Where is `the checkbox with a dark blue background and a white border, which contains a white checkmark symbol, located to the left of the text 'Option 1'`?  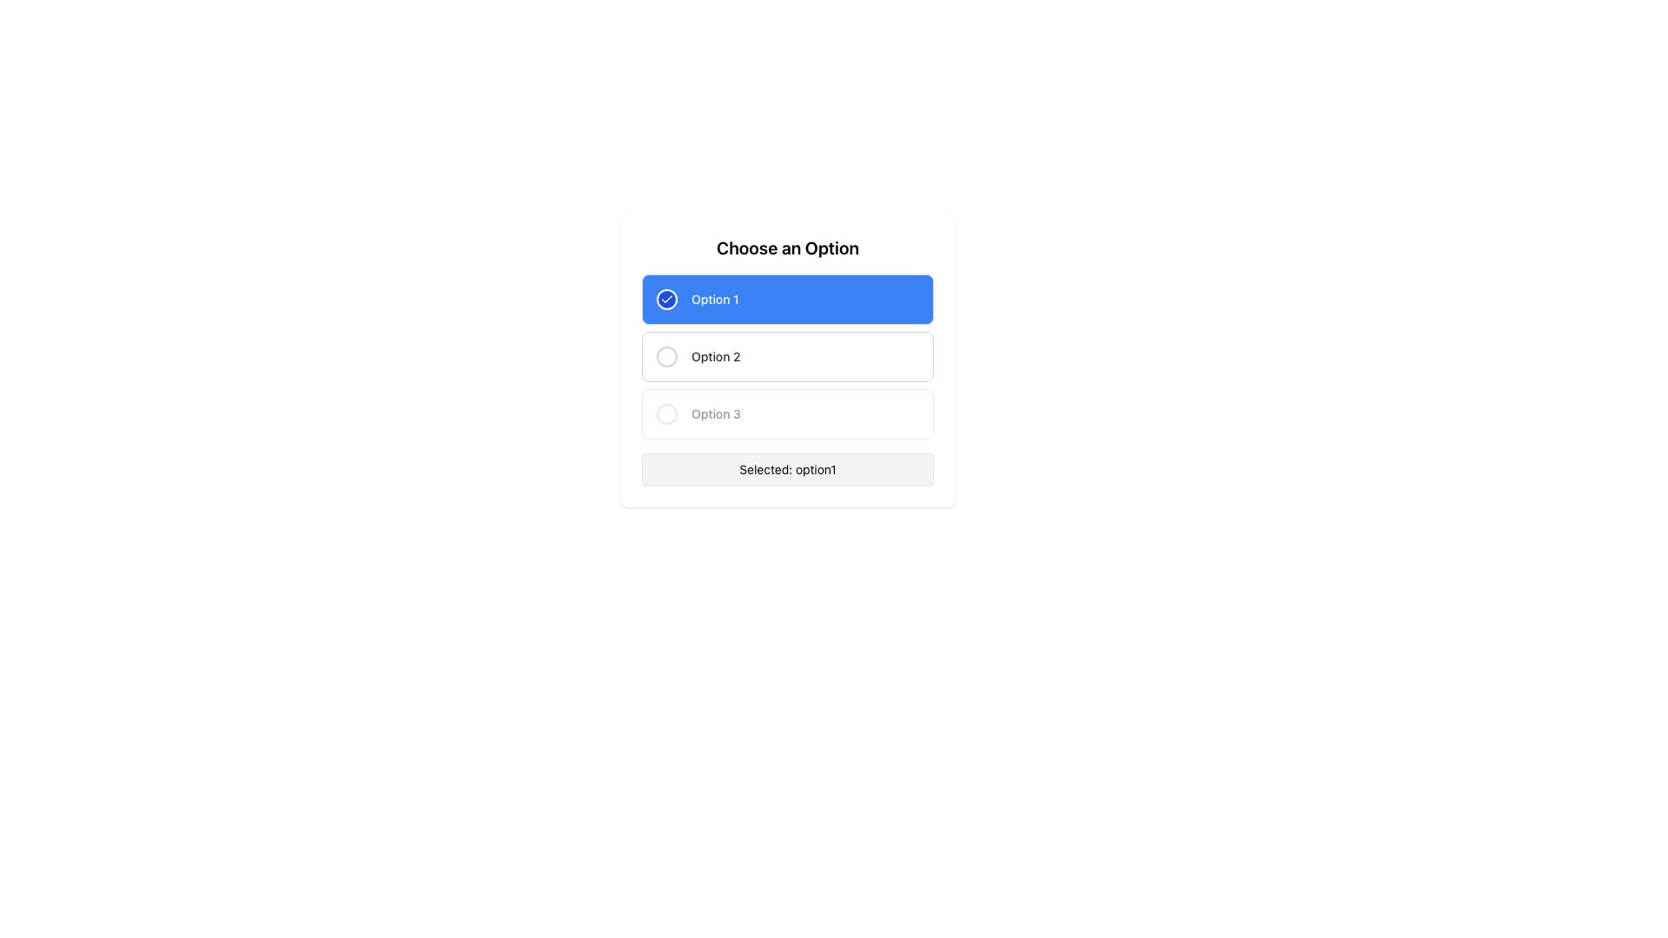
the checkbox with a dark blue background and a white border, which contains a white checkmark symbol, located to the left of the text 'Option 1' is located at coordinates (666, 298).